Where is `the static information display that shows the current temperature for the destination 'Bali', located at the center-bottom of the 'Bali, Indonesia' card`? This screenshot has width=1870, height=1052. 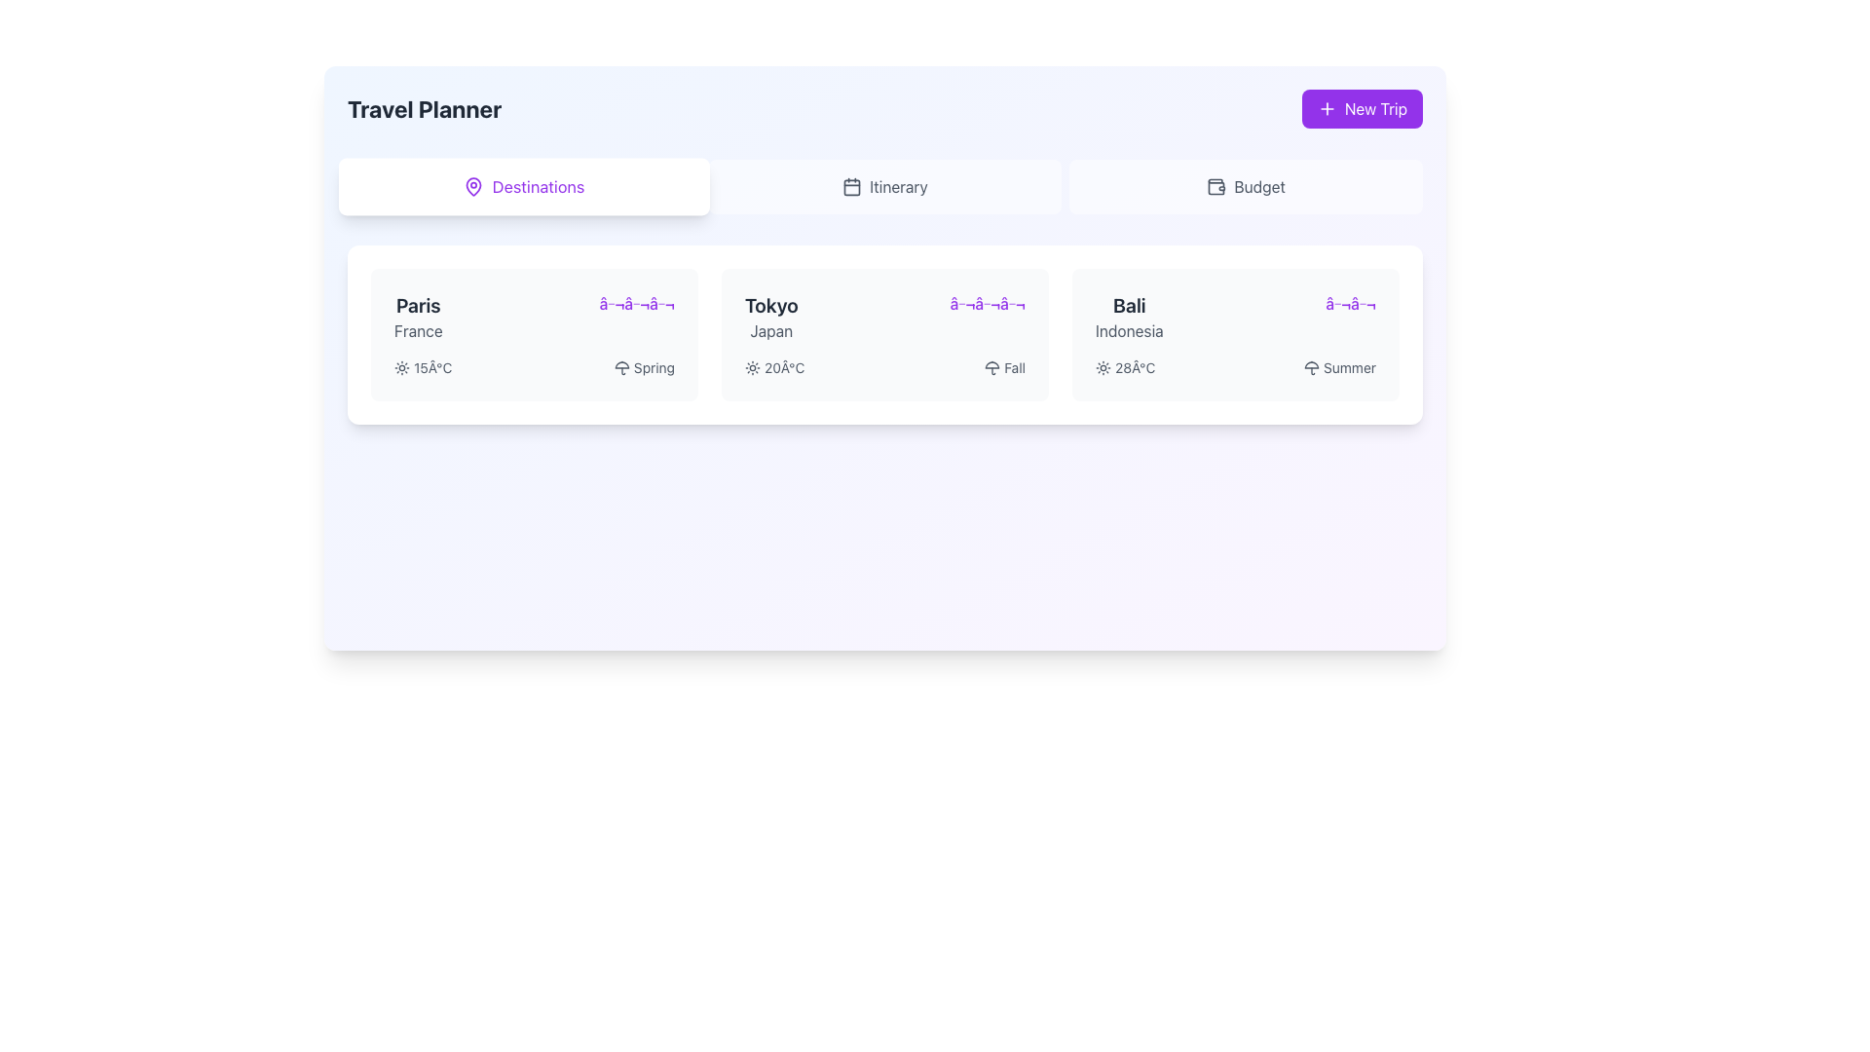 the static information display that shows the current temperature for the destination 'Bali', located at the center-bottom of the 'Bali, Indonesia' card is located at coordinates (1125, 368).